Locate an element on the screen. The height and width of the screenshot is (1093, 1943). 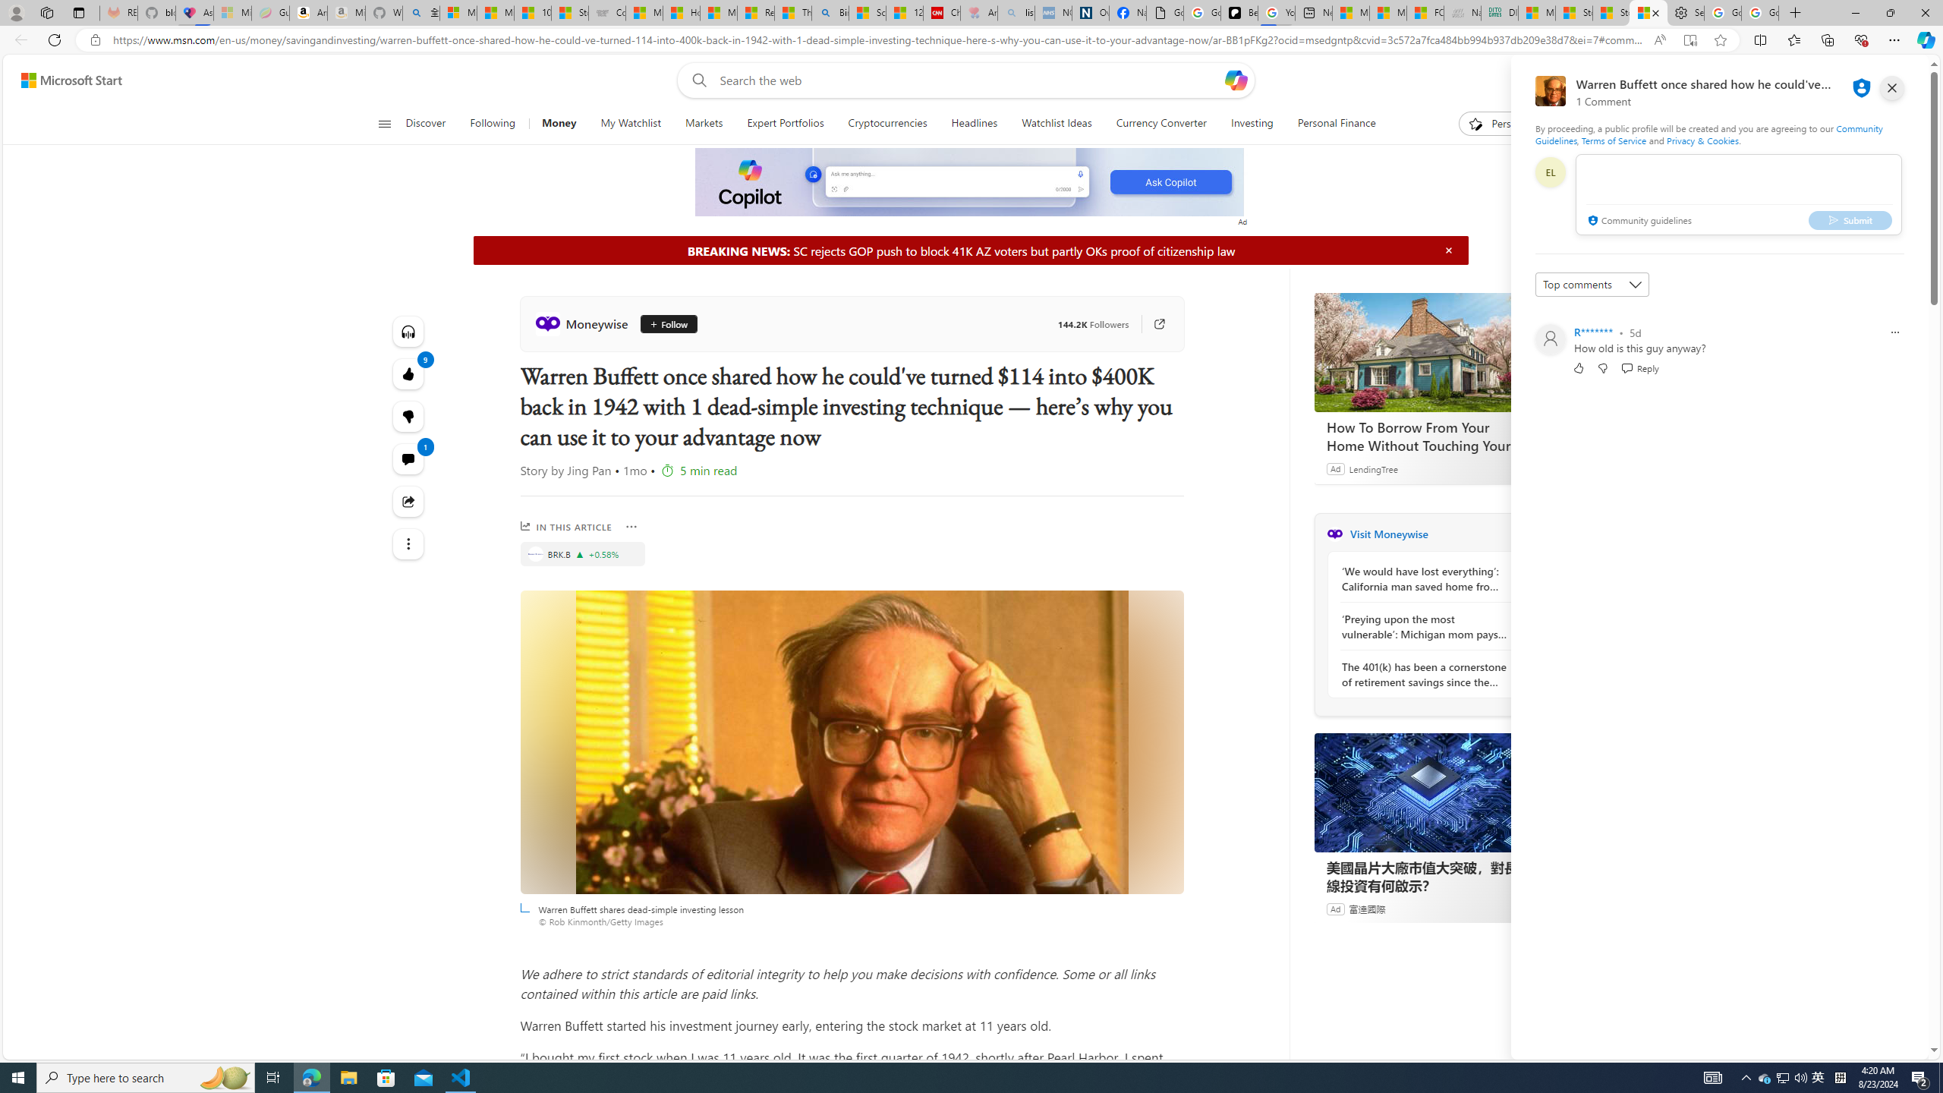
'Markets' is located at coordinates (704, 123).